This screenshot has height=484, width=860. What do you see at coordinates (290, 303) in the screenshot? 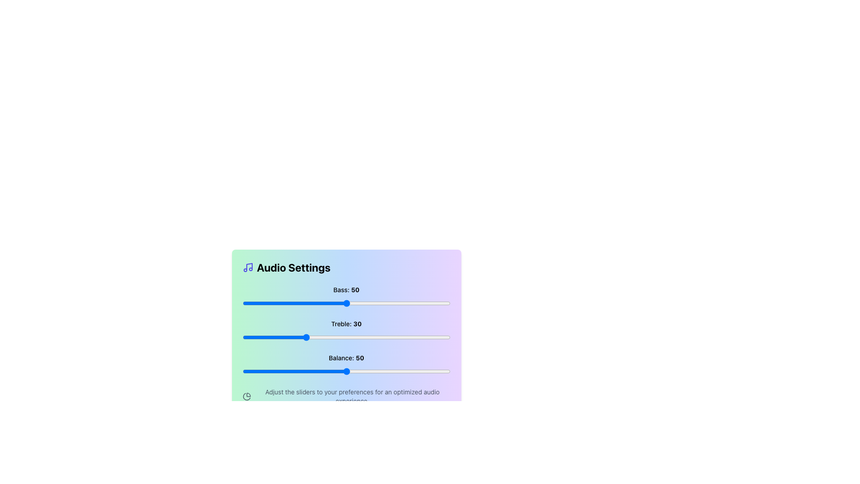
I see `the bass` at bounding box center [290, 303].